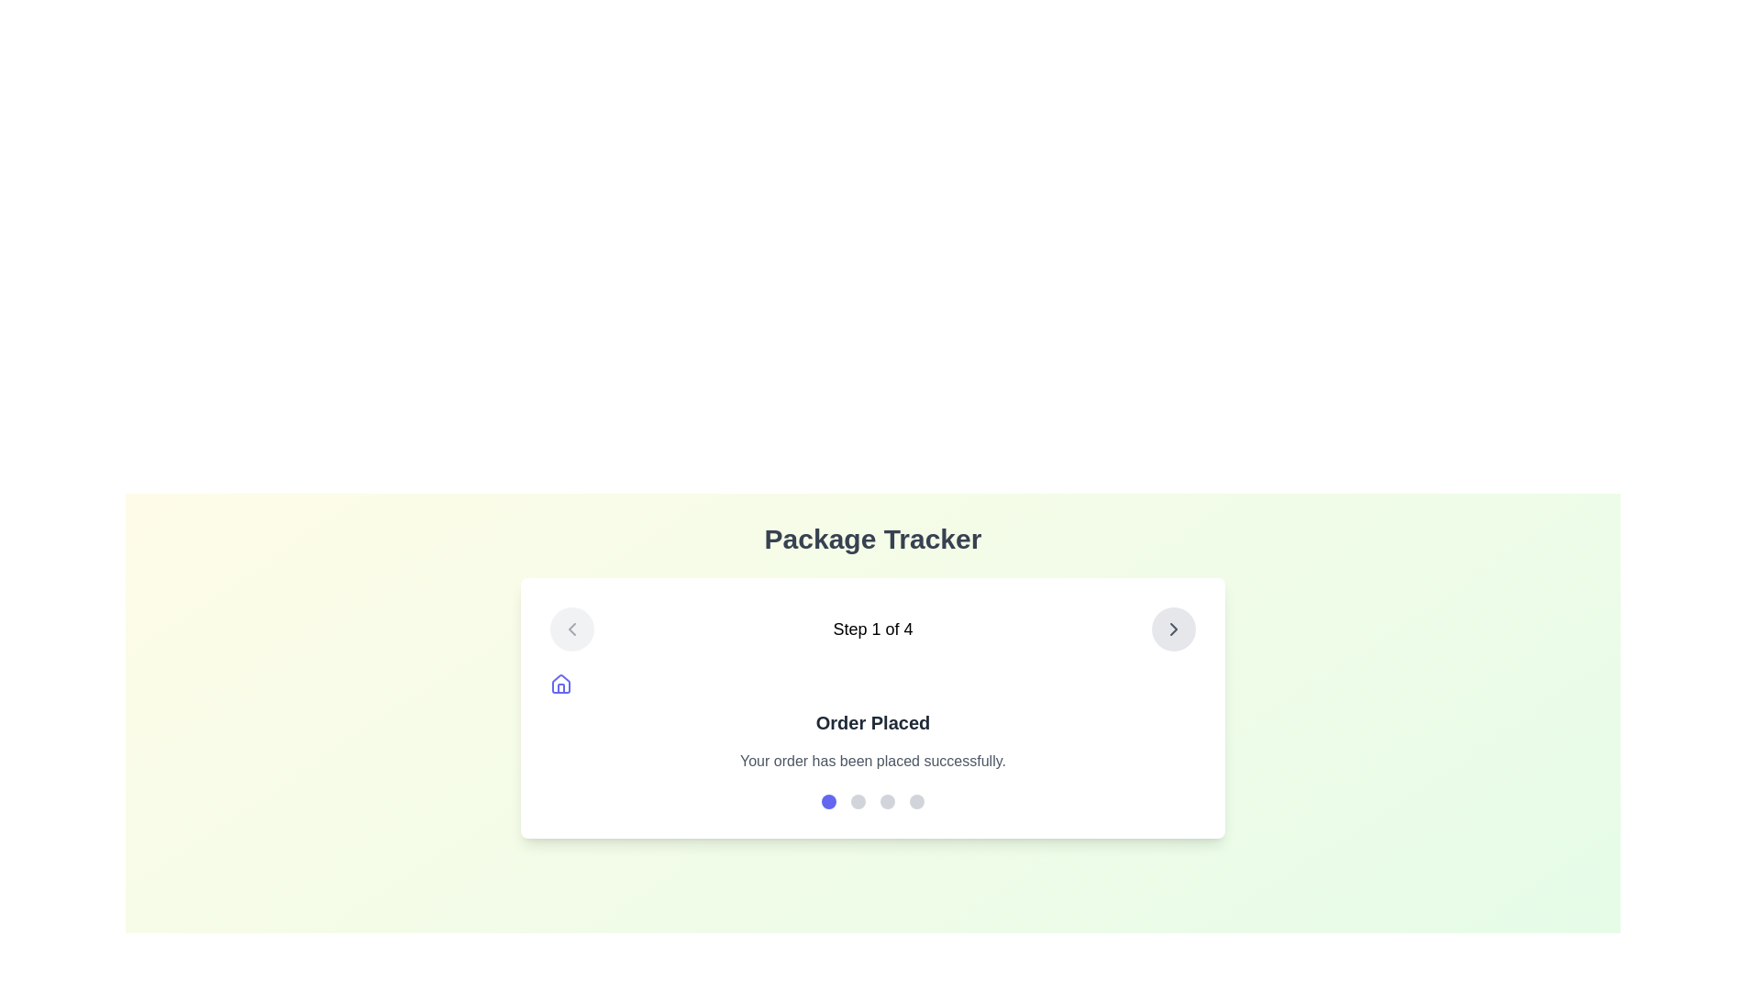  I want to click on the first circular progress indicator, which has a solid indigo fill and is positioned below the 'Order Placed' text, so click(827, 801).